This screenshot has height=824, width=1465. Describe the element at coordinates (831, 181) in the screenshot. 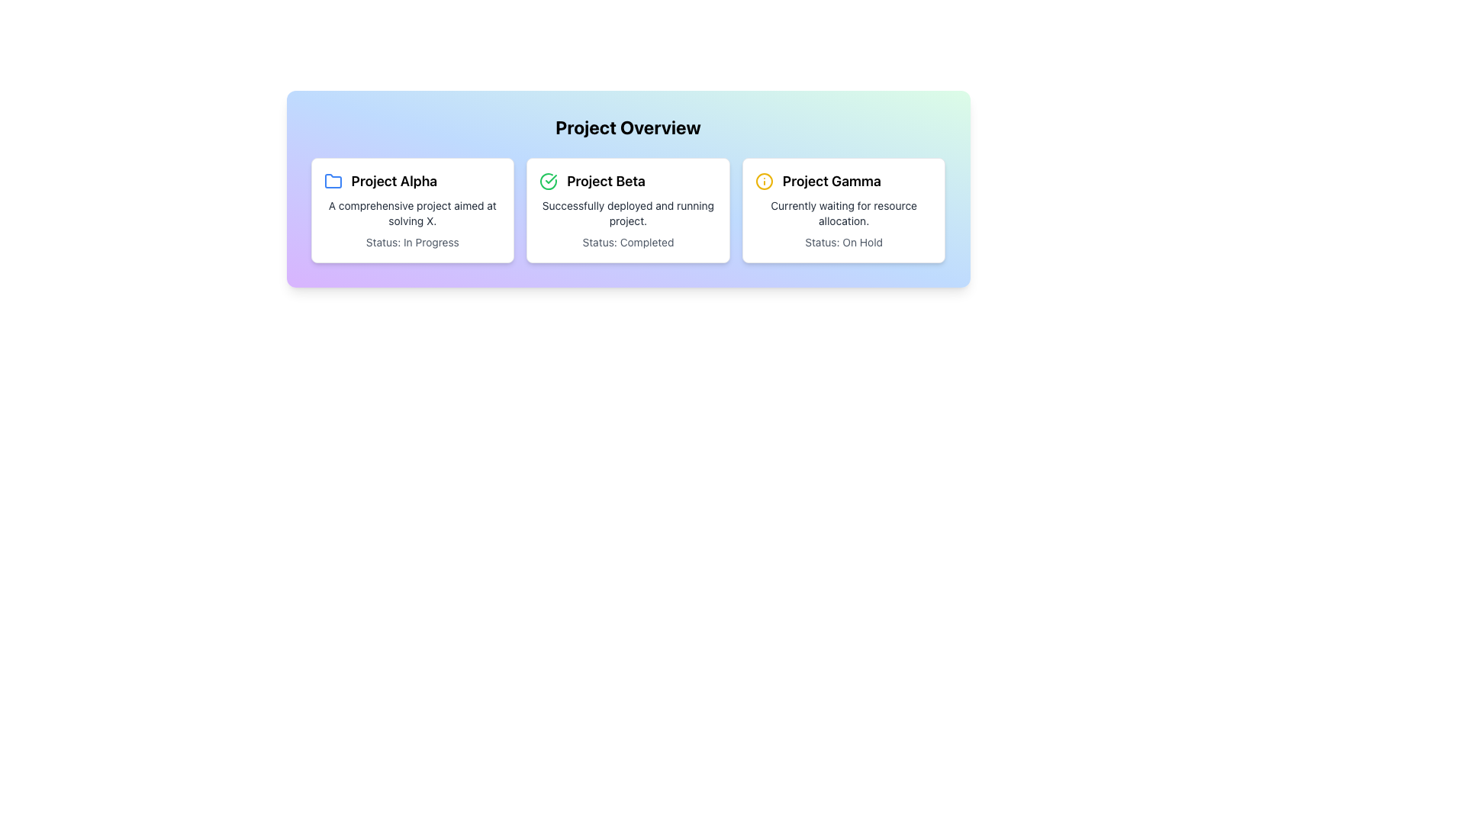

I see `the text heading 'Project Gamma', which is styled in bold and larger font, located in the top section of the rightmost card among three horizontally arranged cards` at that location.